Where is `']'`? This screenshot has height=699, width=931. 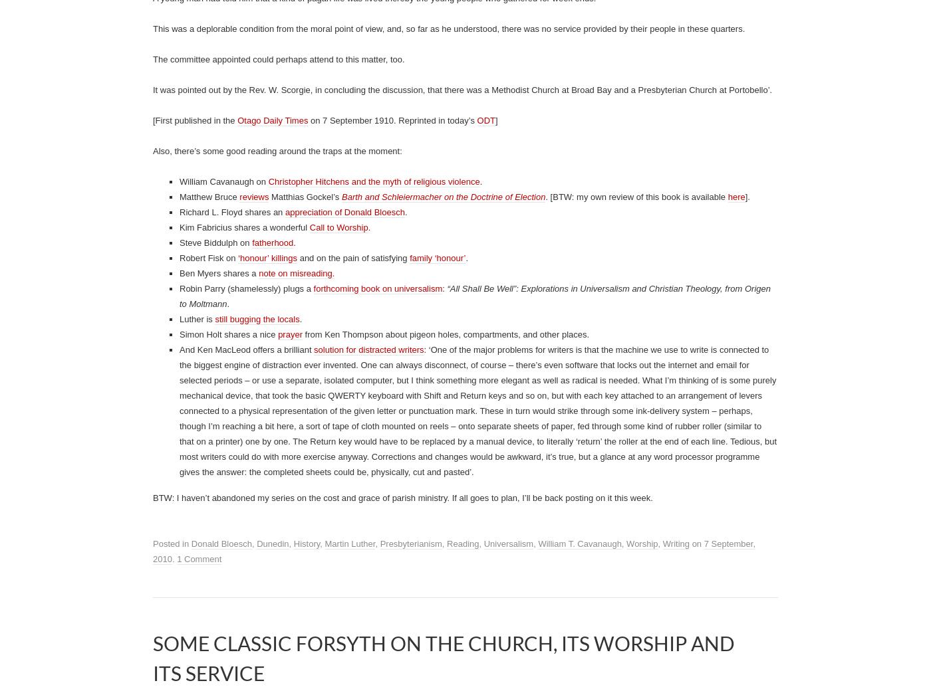 ']' is located at coordinates (495, 629).